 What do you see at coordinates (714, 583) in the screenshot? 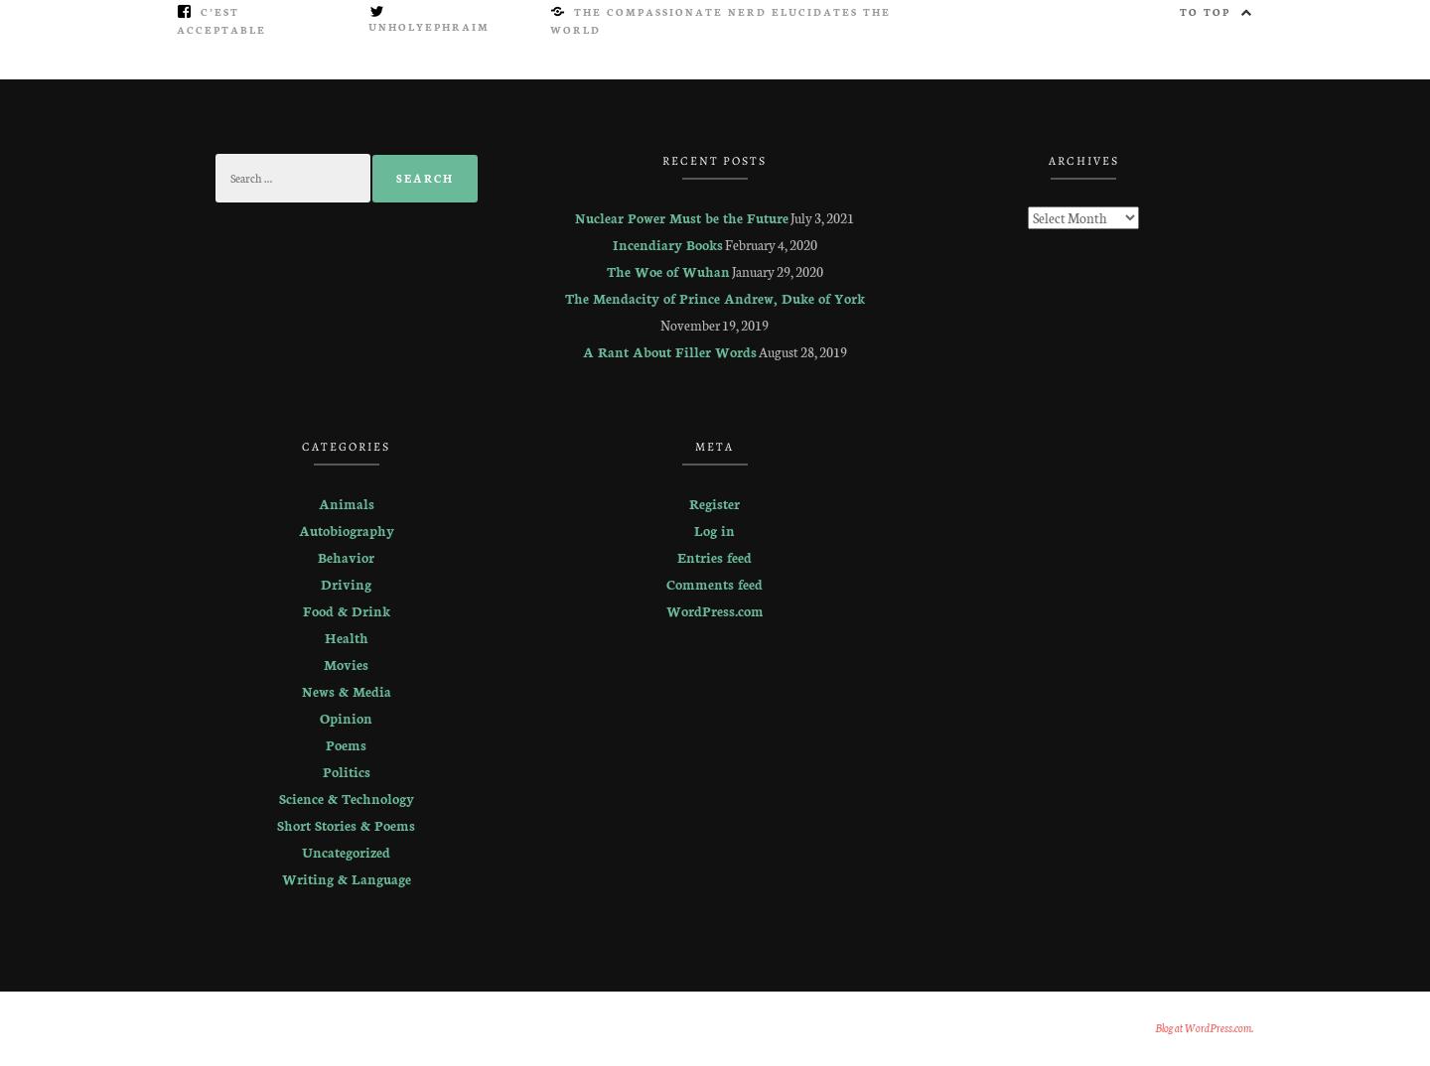
I see `'Comments feed'` at bounding box center [714, 583].